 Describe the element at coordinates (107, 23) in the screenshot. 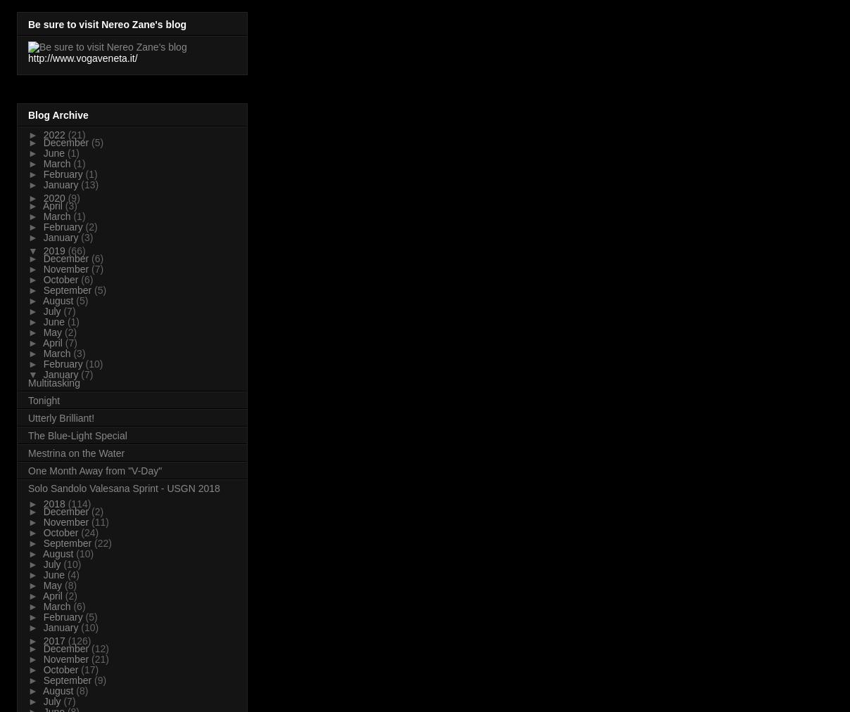

I see `'Be sure to visit Nereo Zane's blog'` at that location.